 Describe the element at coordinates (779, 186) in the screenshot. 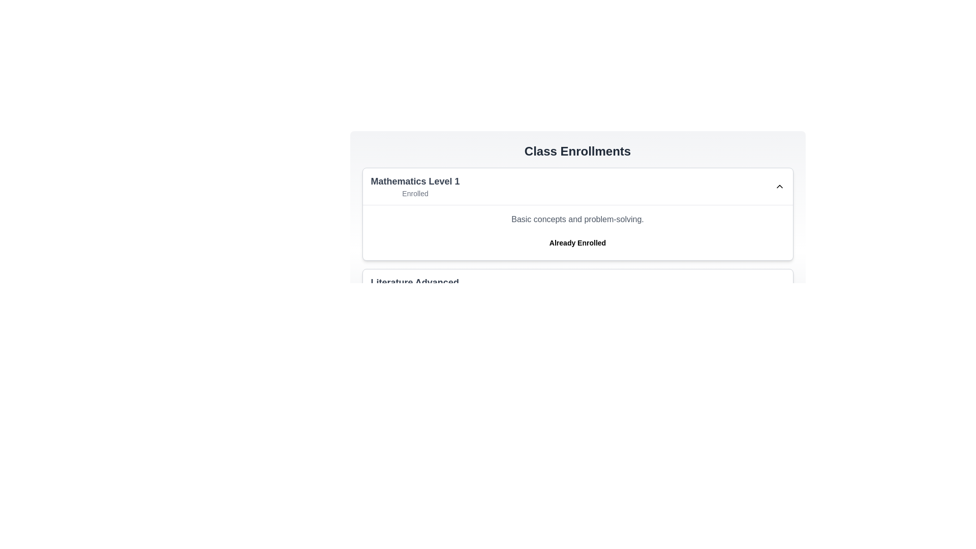

I see `the upward-pointing chevron-style icon in the top-right corner of the 'Mathematics Level 1 Enrolled' section` at that location.